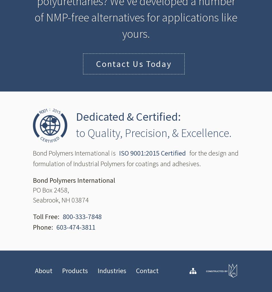  What do you see at coordinates (147, 270) in the screenshot?
I see `'Contact'` at bounding box center [147, 270].